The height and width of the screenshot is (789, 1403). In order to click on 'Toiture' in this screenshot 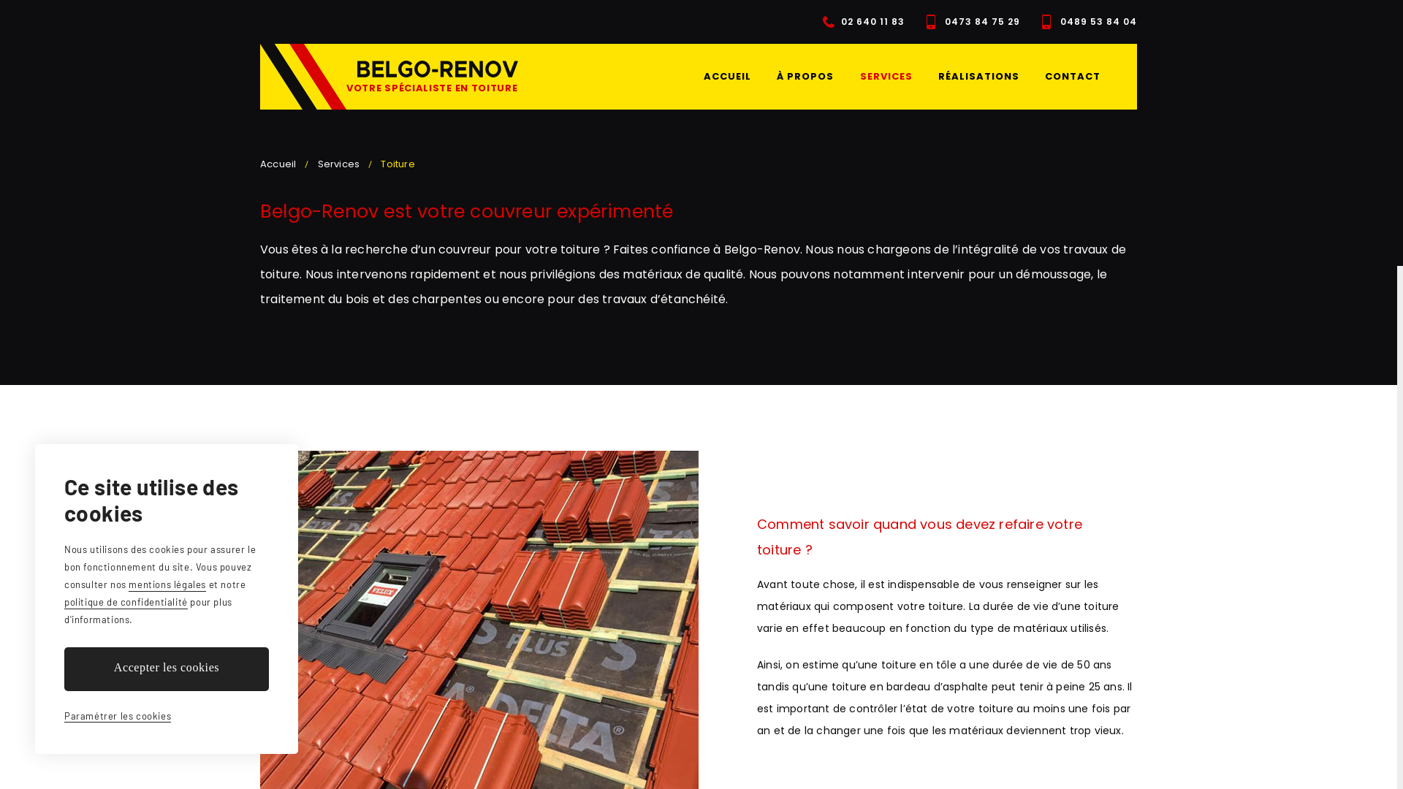, I will do `click(397, 164)`.